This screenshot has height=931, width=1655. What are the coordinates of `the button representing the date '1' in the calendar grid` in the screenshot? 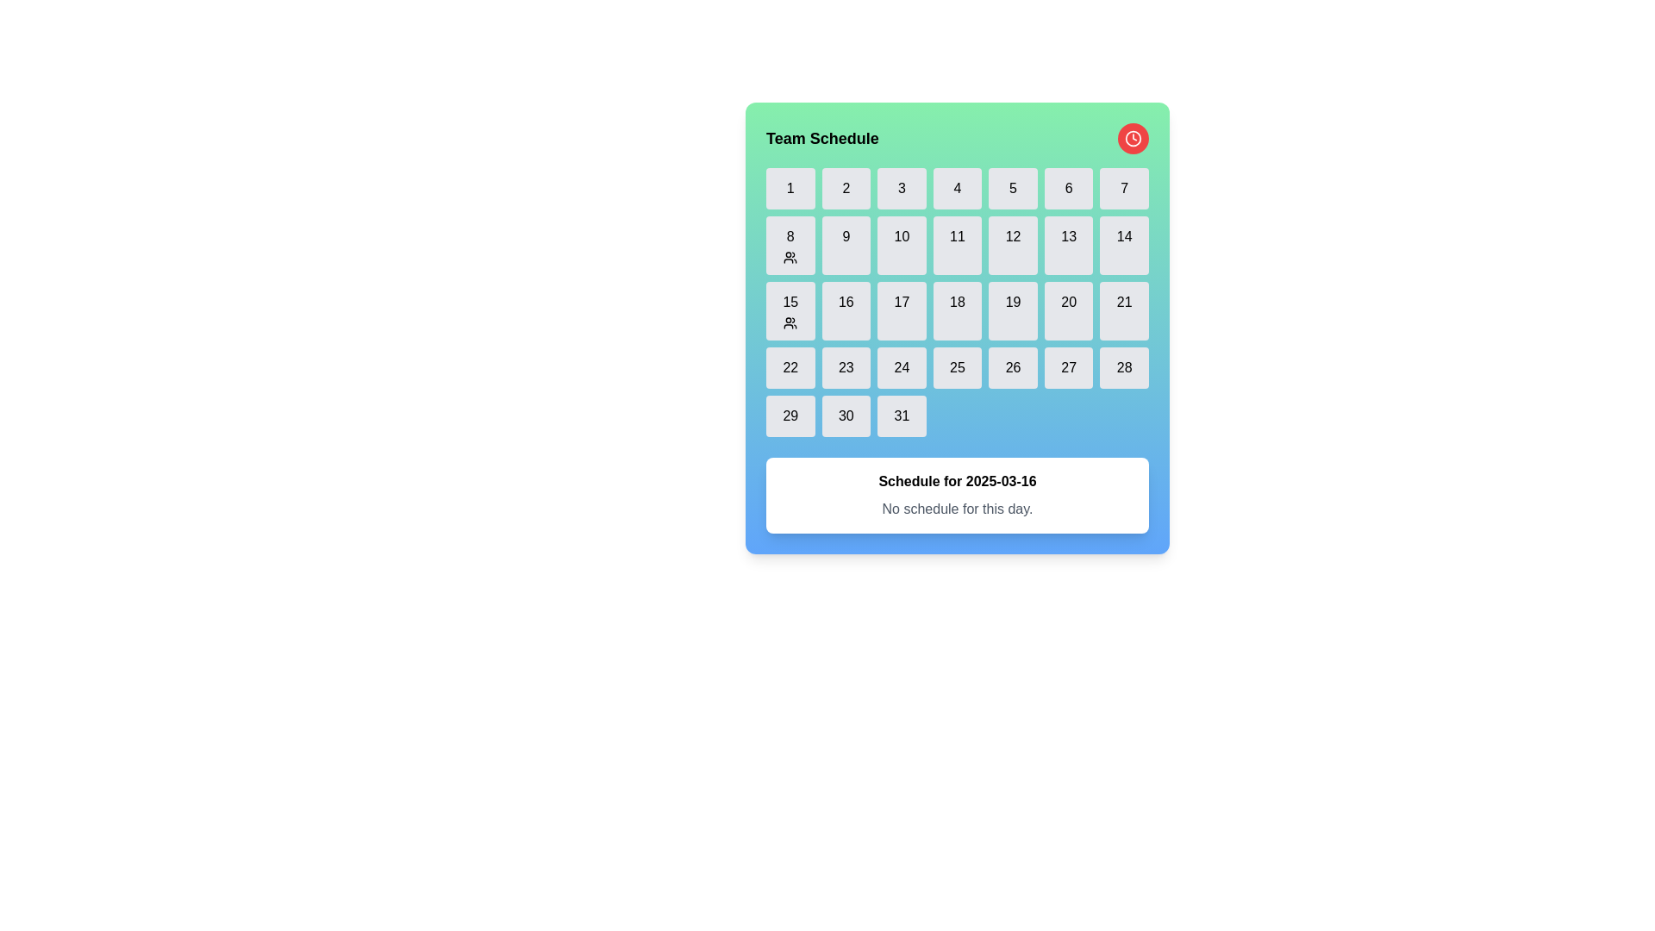 It's located at (790, 189).